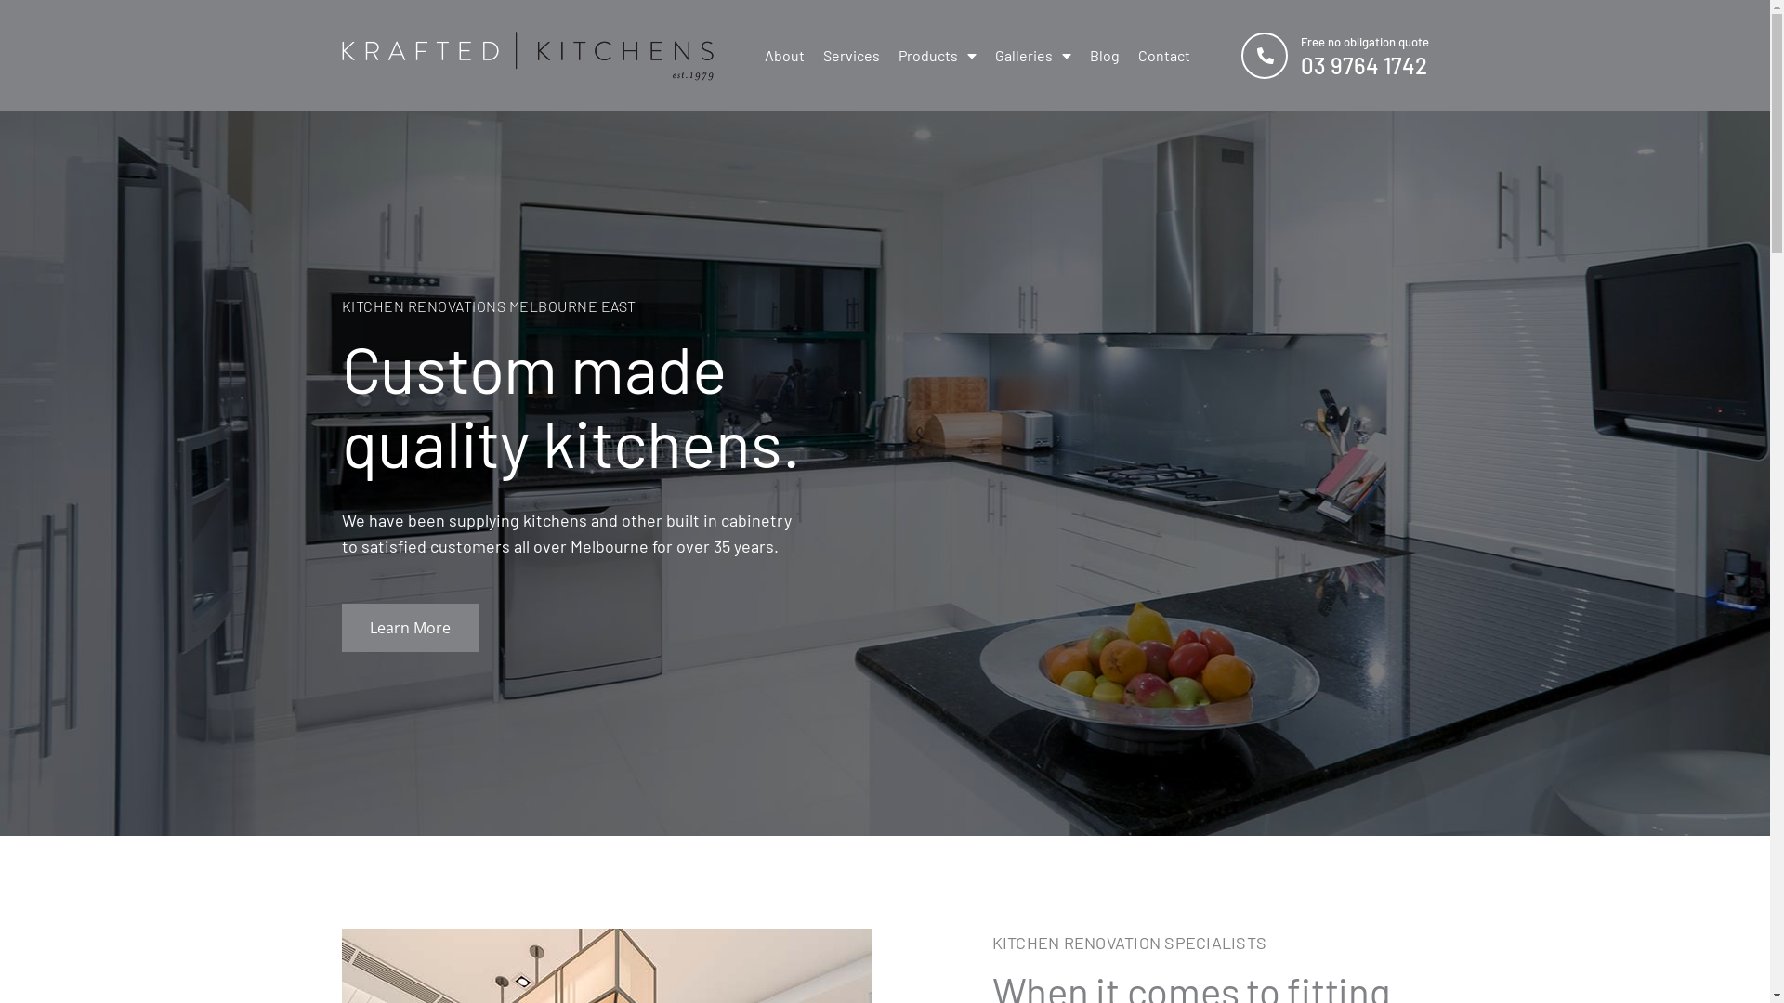 This screenshot has width=1784, height=1003. I want to click on 'Contact', so click(1162, 55).